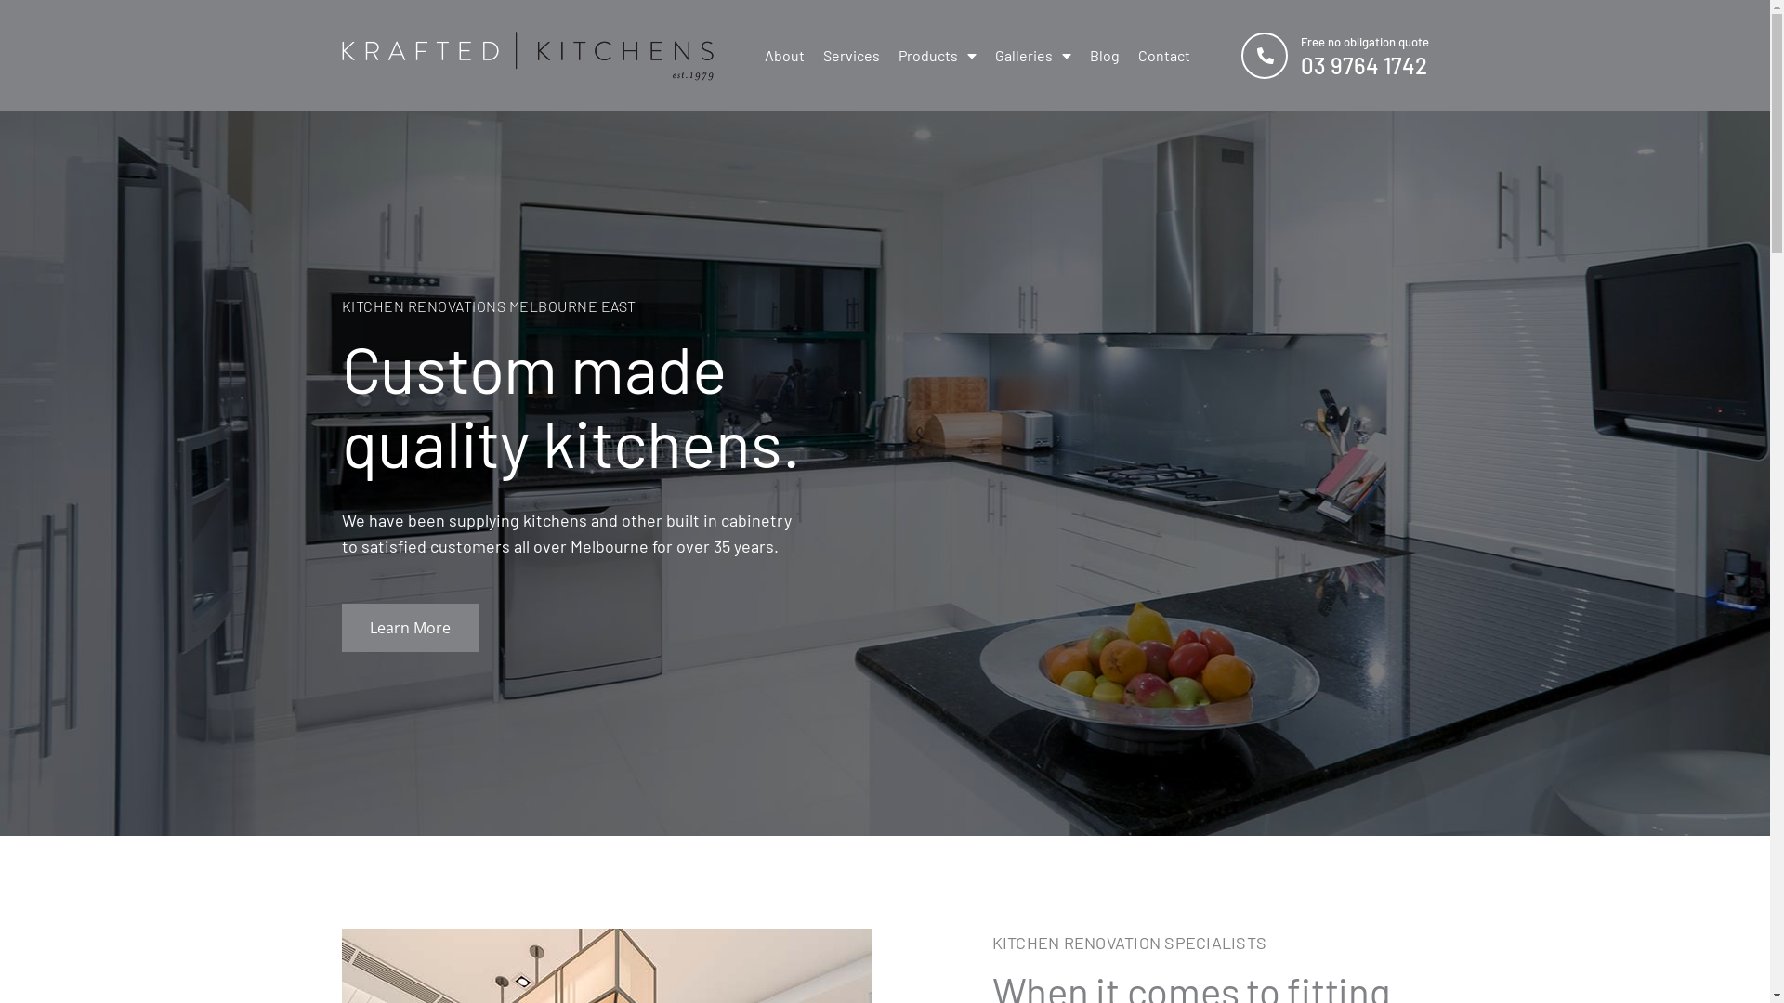 This screenshot has width=1784, height=1003. I want to click on 'Contact', so click(1162, 55).